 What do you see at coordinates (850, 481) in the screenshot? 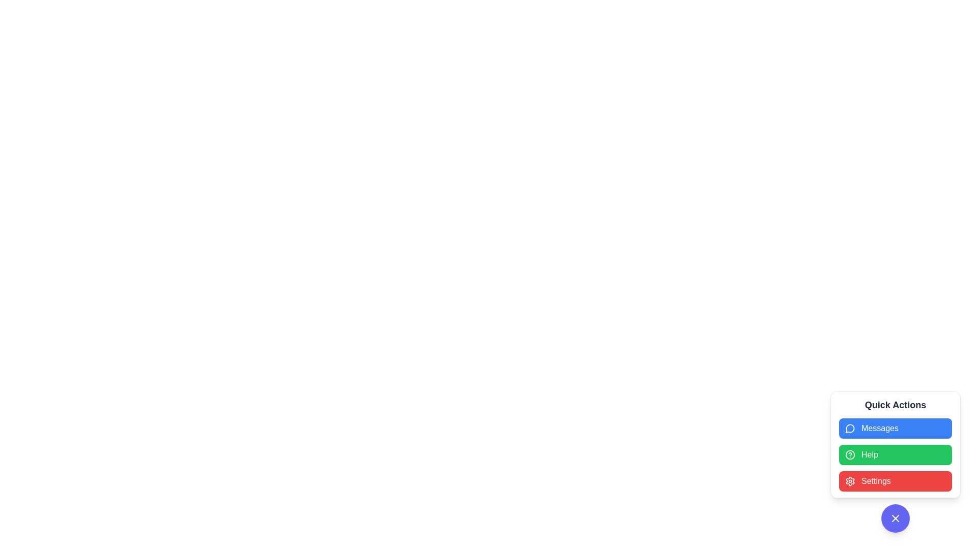
I see `the gear icon associated with the 'Settings' button in the 'Quick Actions' pop-up, which is positioned on the left side of the red background button labeled 'Settings'` at bounding box center [850, 481].